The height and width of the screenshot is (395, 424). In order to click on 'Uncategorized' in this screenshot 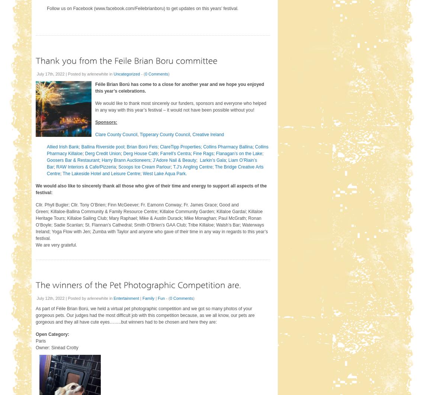, I will do `click(126, 74)`.